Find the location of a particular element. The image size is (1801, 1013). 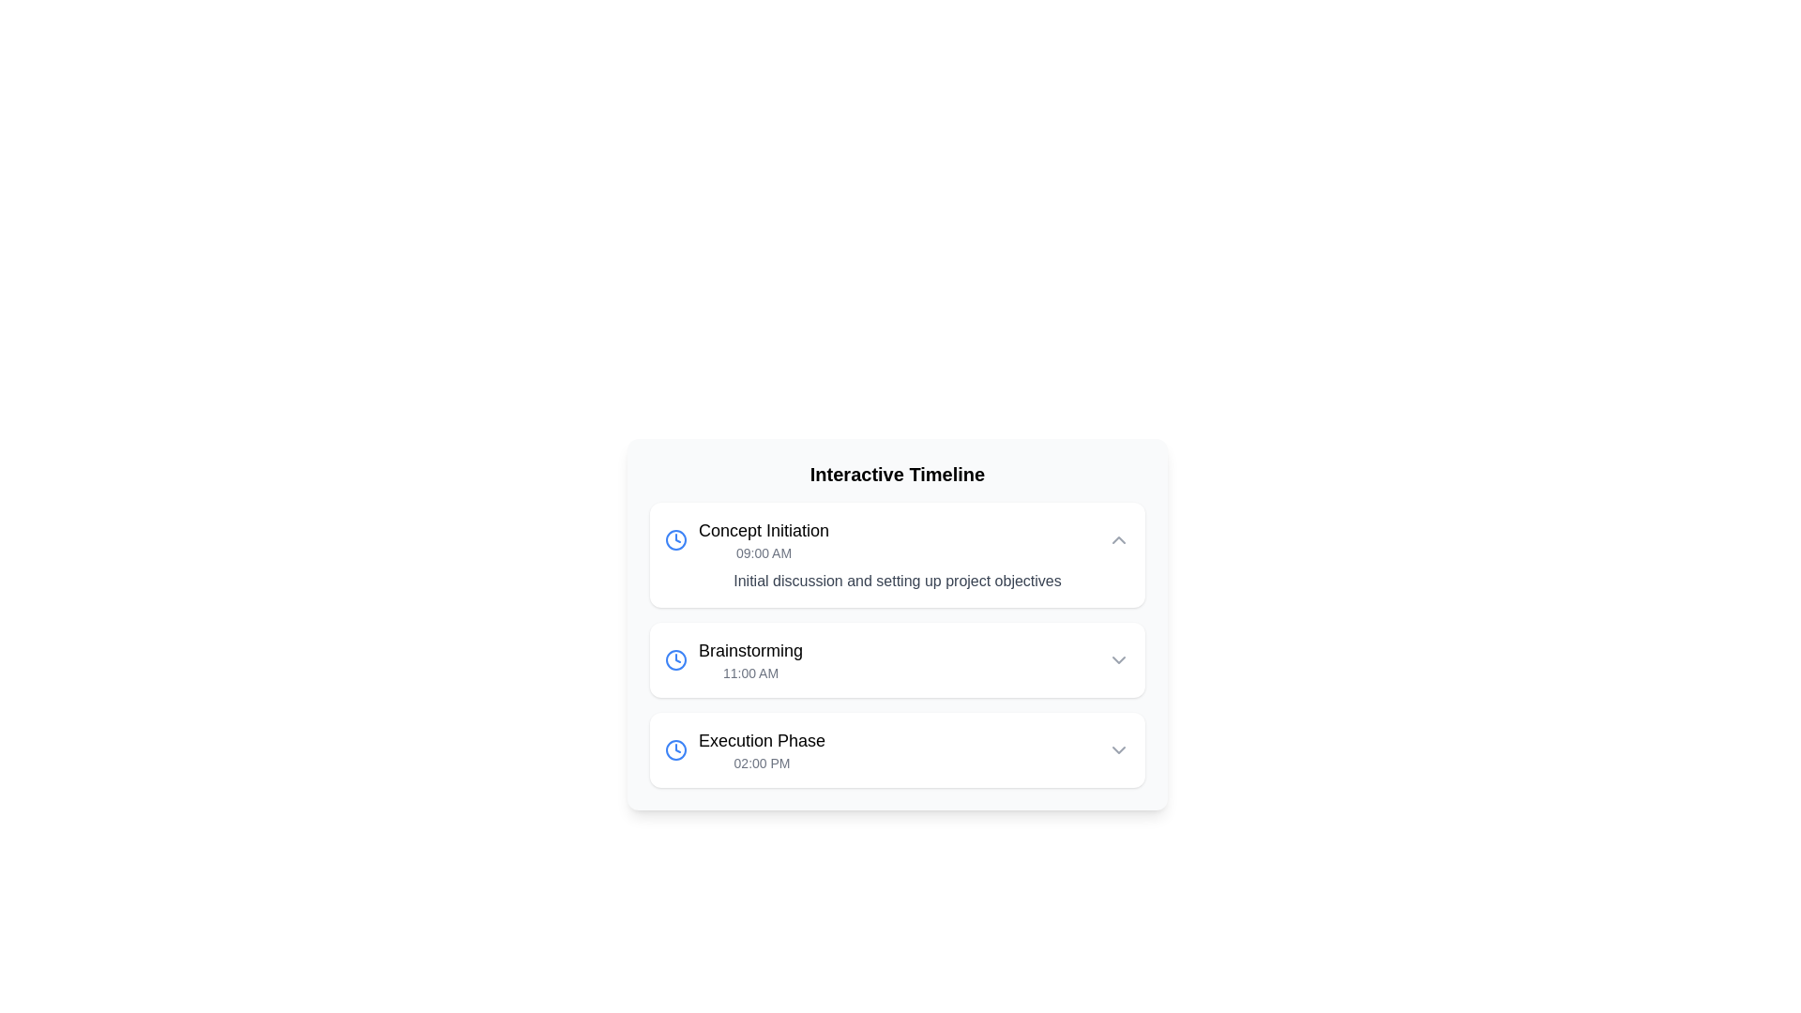

the 'Brainstorming' text label, which serves as the title for the second event in the timeline, to interact with its linked content is located at coordinates (750, 650).